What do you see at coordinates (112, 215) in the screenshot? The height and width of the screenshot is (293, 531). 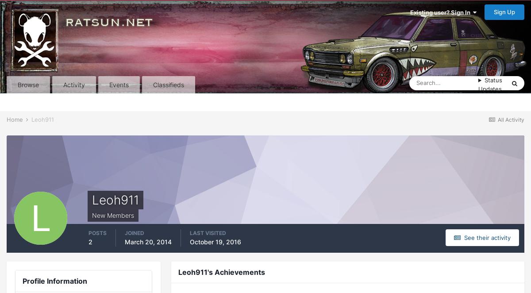 I see `'New Members'` at bounding box center [112, 215].